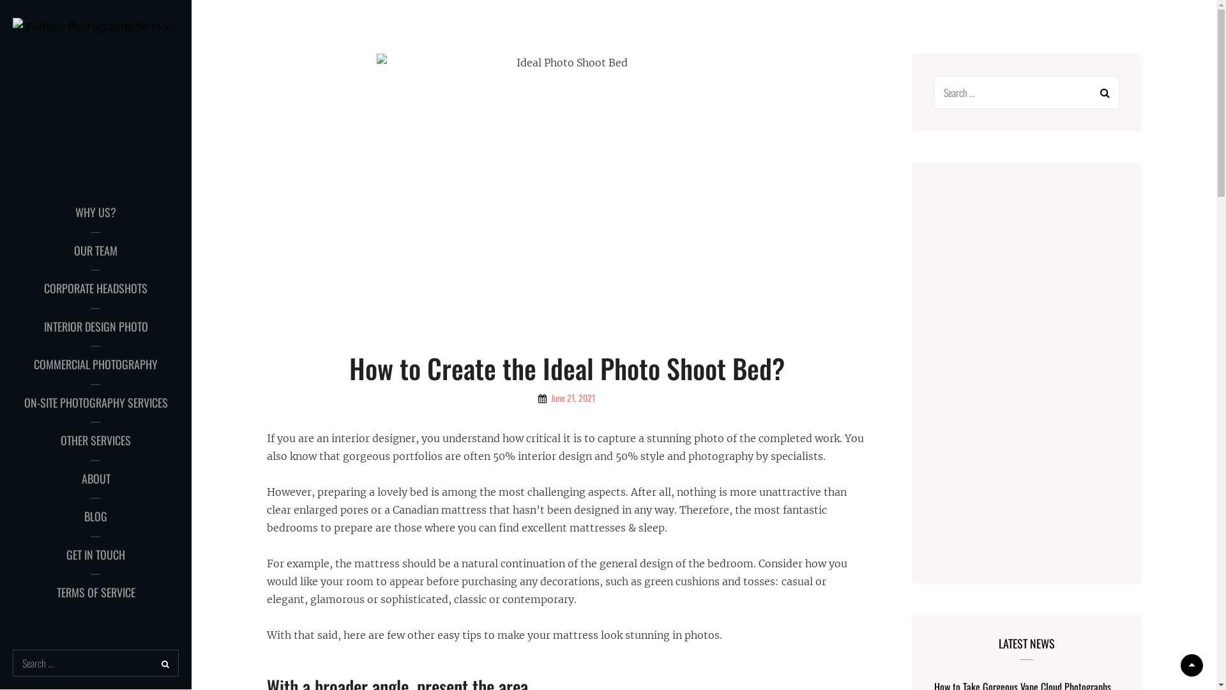 Image resolution: width=1226 pixels, height=690 pixels. Describe the element at coordinates (95, 516) in the screenshot. I see `'BLOG'` at that location.